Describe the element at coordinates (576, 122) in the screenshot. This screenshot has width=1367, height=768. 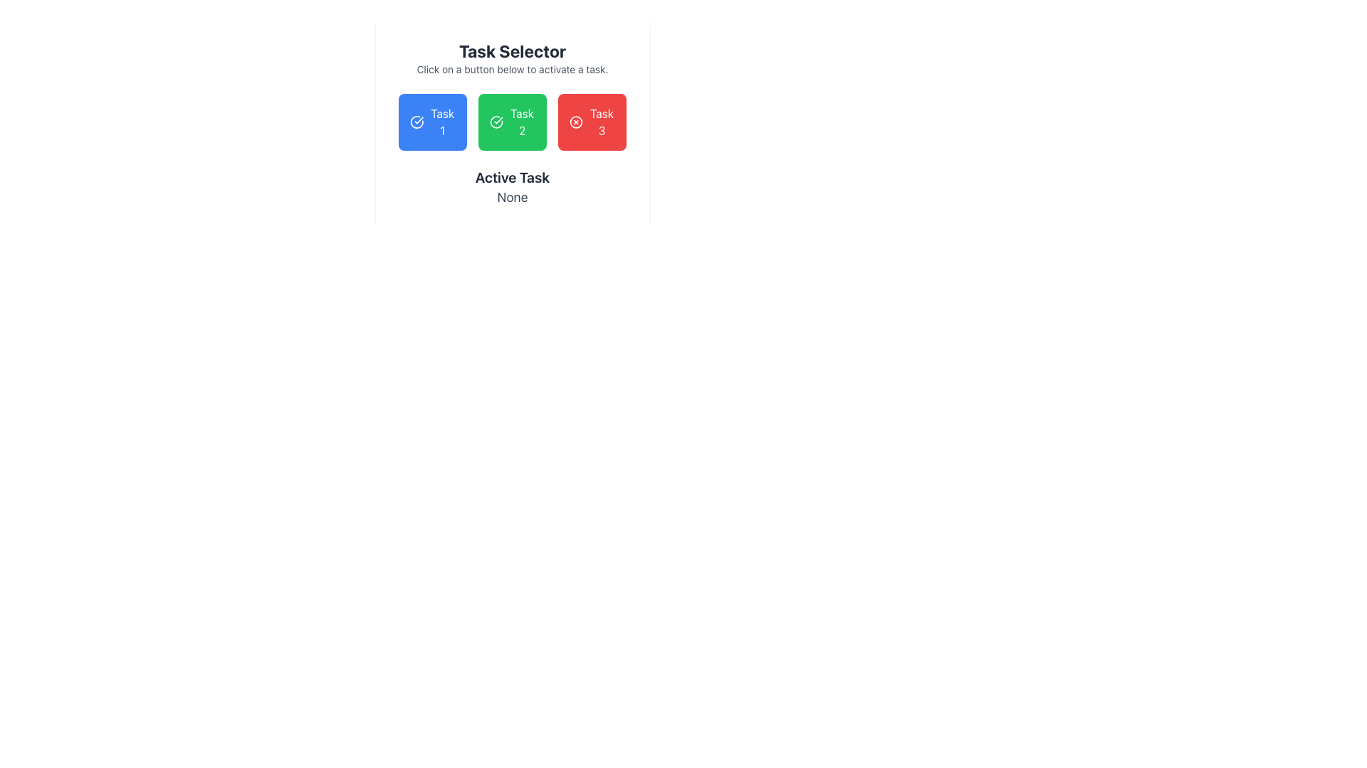
I see `the cancellation icon within the red 'Task 3' button` at that location.